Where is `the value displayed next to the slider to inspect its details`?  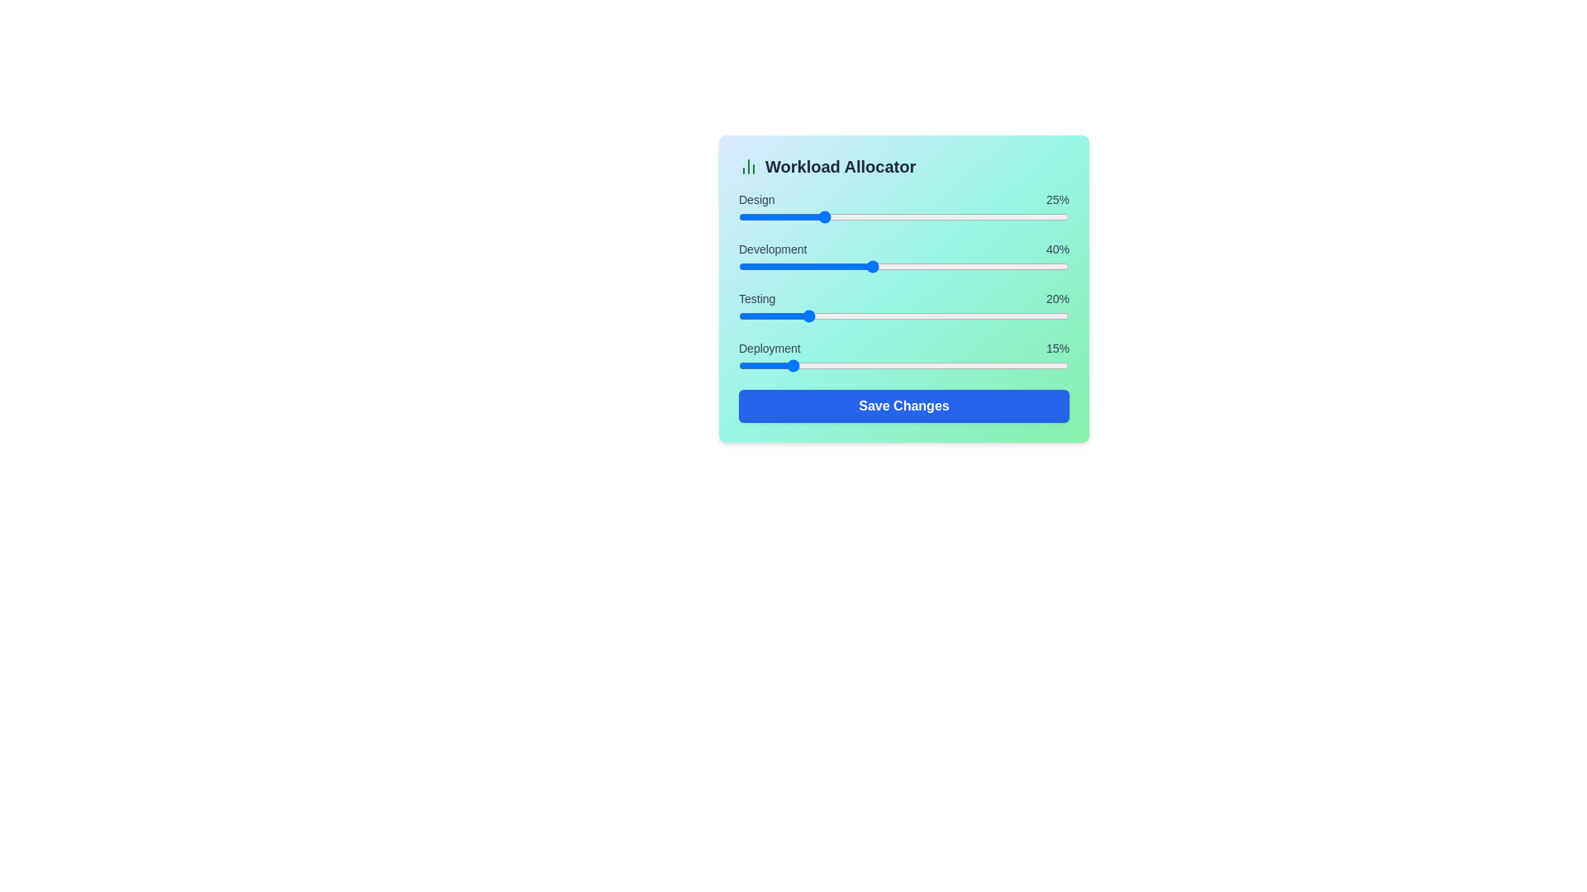
the value displayed next to the slider to inspect its details is located at coordinates (1058, 199).